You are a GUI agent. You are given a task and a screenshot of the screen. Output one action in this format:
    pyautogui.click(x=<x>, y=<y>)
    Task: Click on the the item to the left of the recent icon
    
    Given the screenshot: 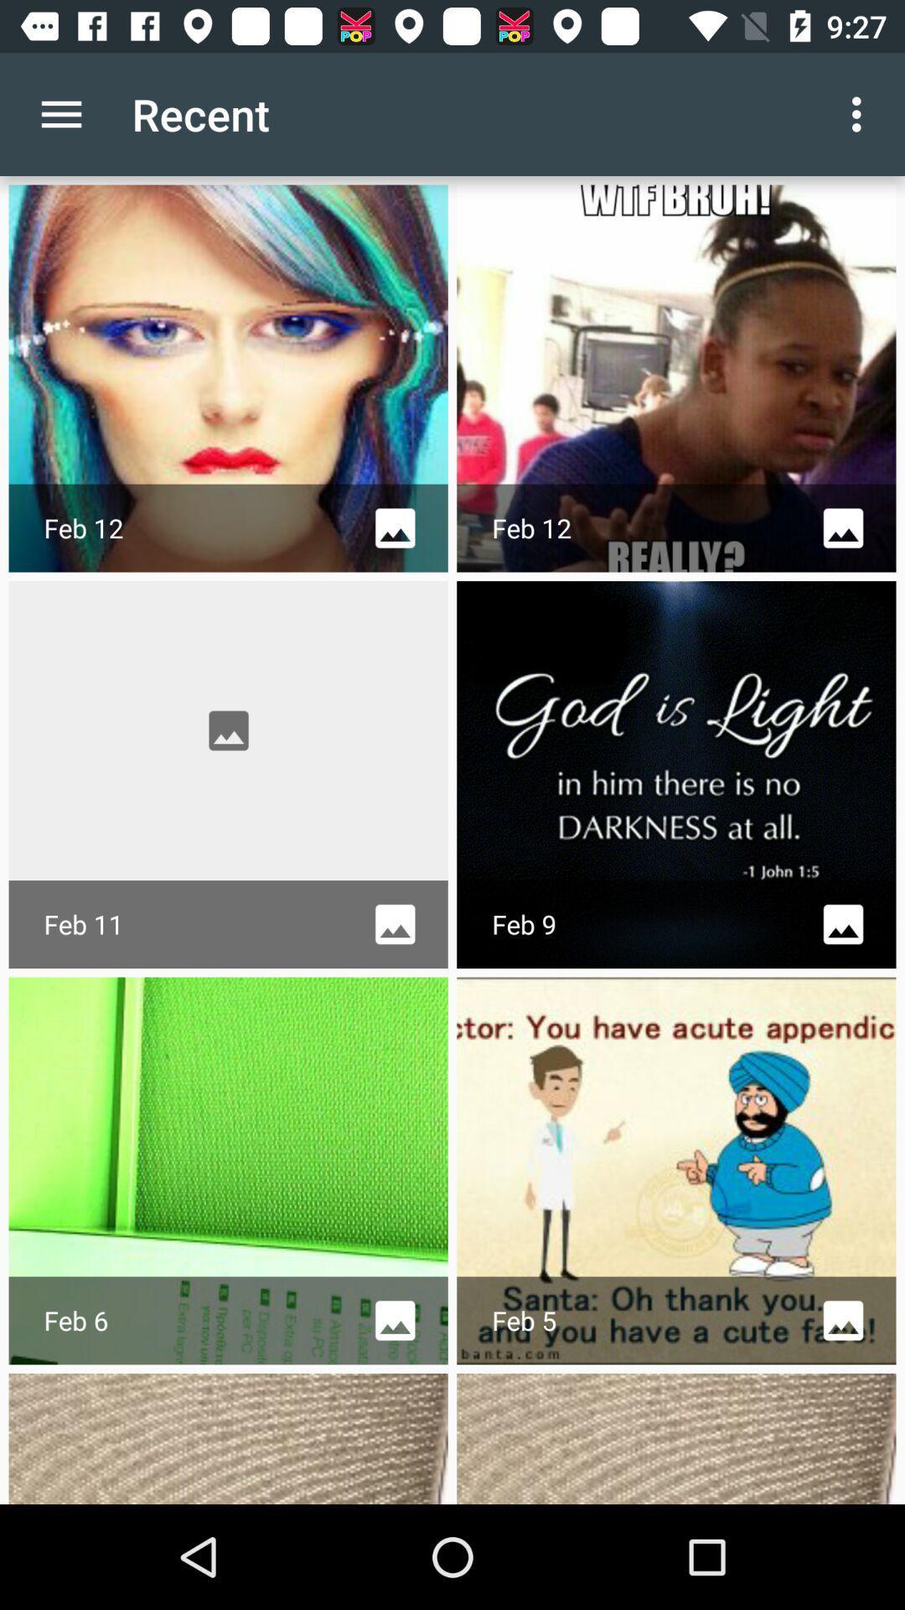 What is the action you would take?
    pyautogui.click(x=60, y=113)
    